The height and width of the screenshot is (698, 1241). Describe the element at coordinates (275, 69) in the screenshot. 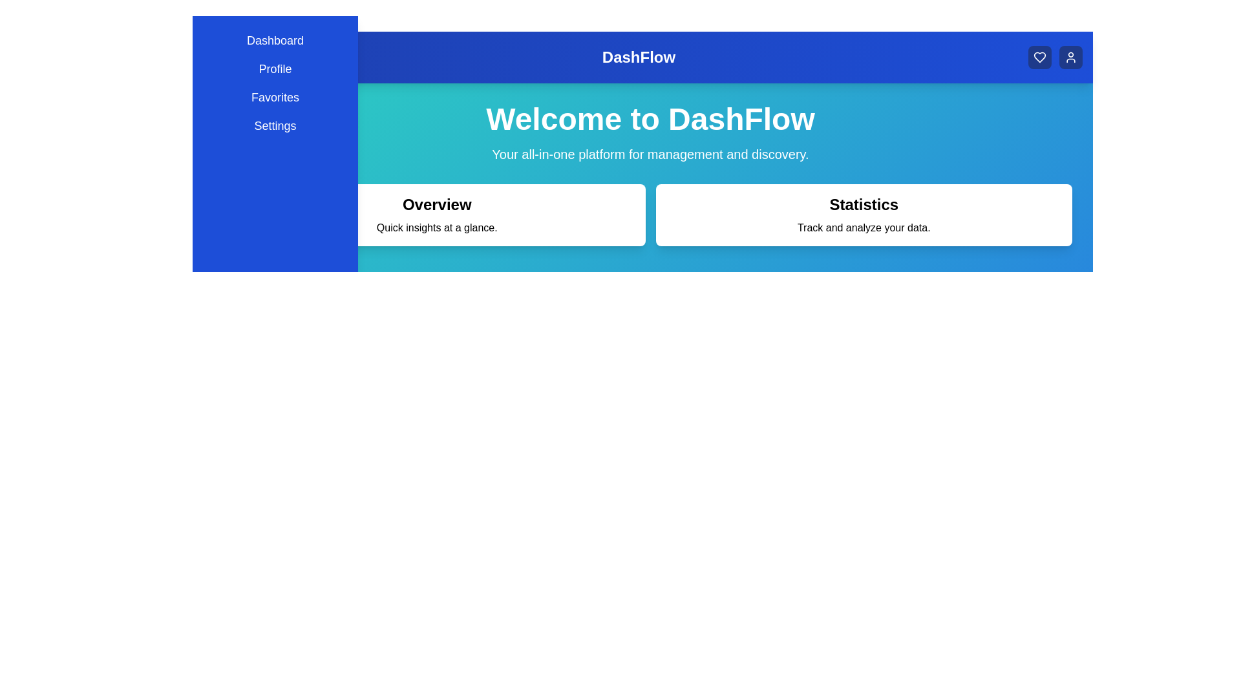

I see `the menu item Profile to navigate to its respective section` at that location.